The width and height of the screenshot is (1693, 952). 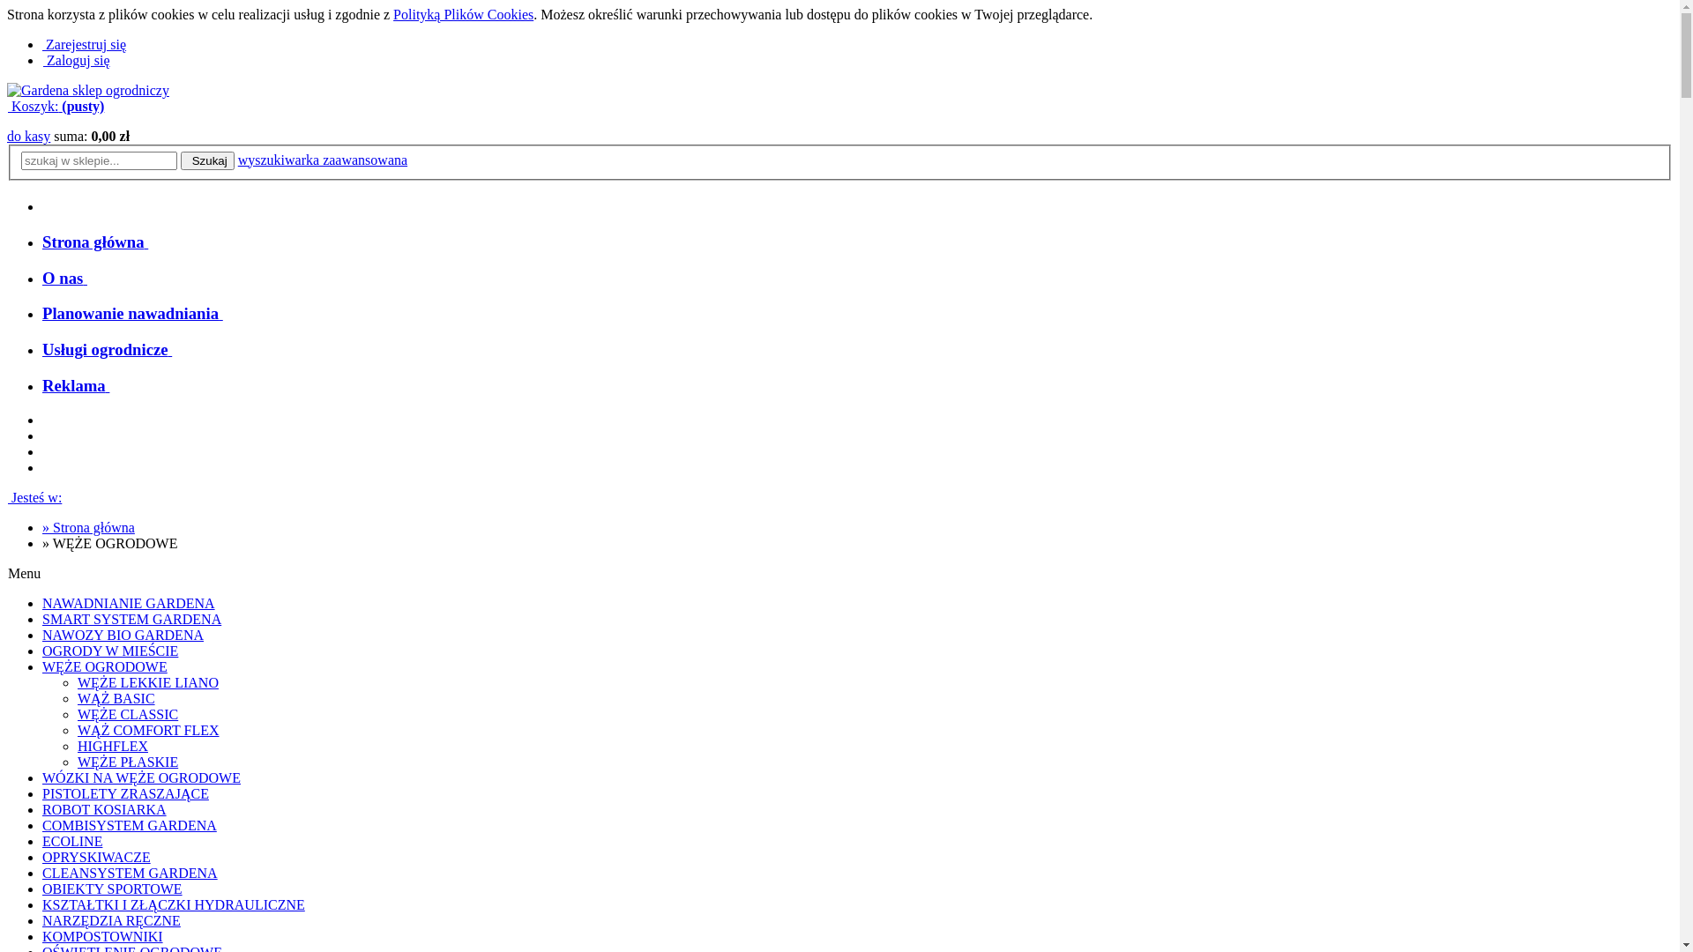 I want to click on 'ROBOT KOSIARKA', so click(x=103, y=809).